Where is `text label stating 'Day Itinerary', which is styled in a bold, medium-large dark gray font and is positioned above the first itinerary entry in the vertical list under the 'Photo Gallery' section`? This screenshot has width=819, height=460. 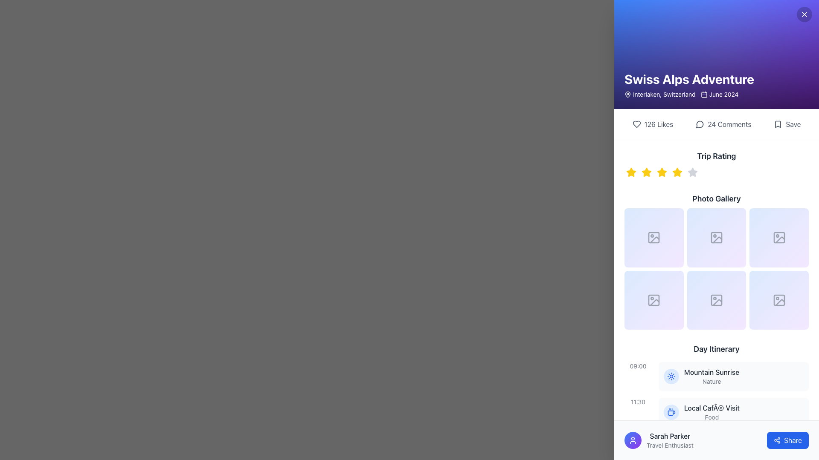
text label stating 'Day Itinerary', which is styled in a bold, medium-large dark gray font and is positioned above the first itinerary entry in the vertical list under the 'Photo Gallery' section is located at coordinates (717, 349).